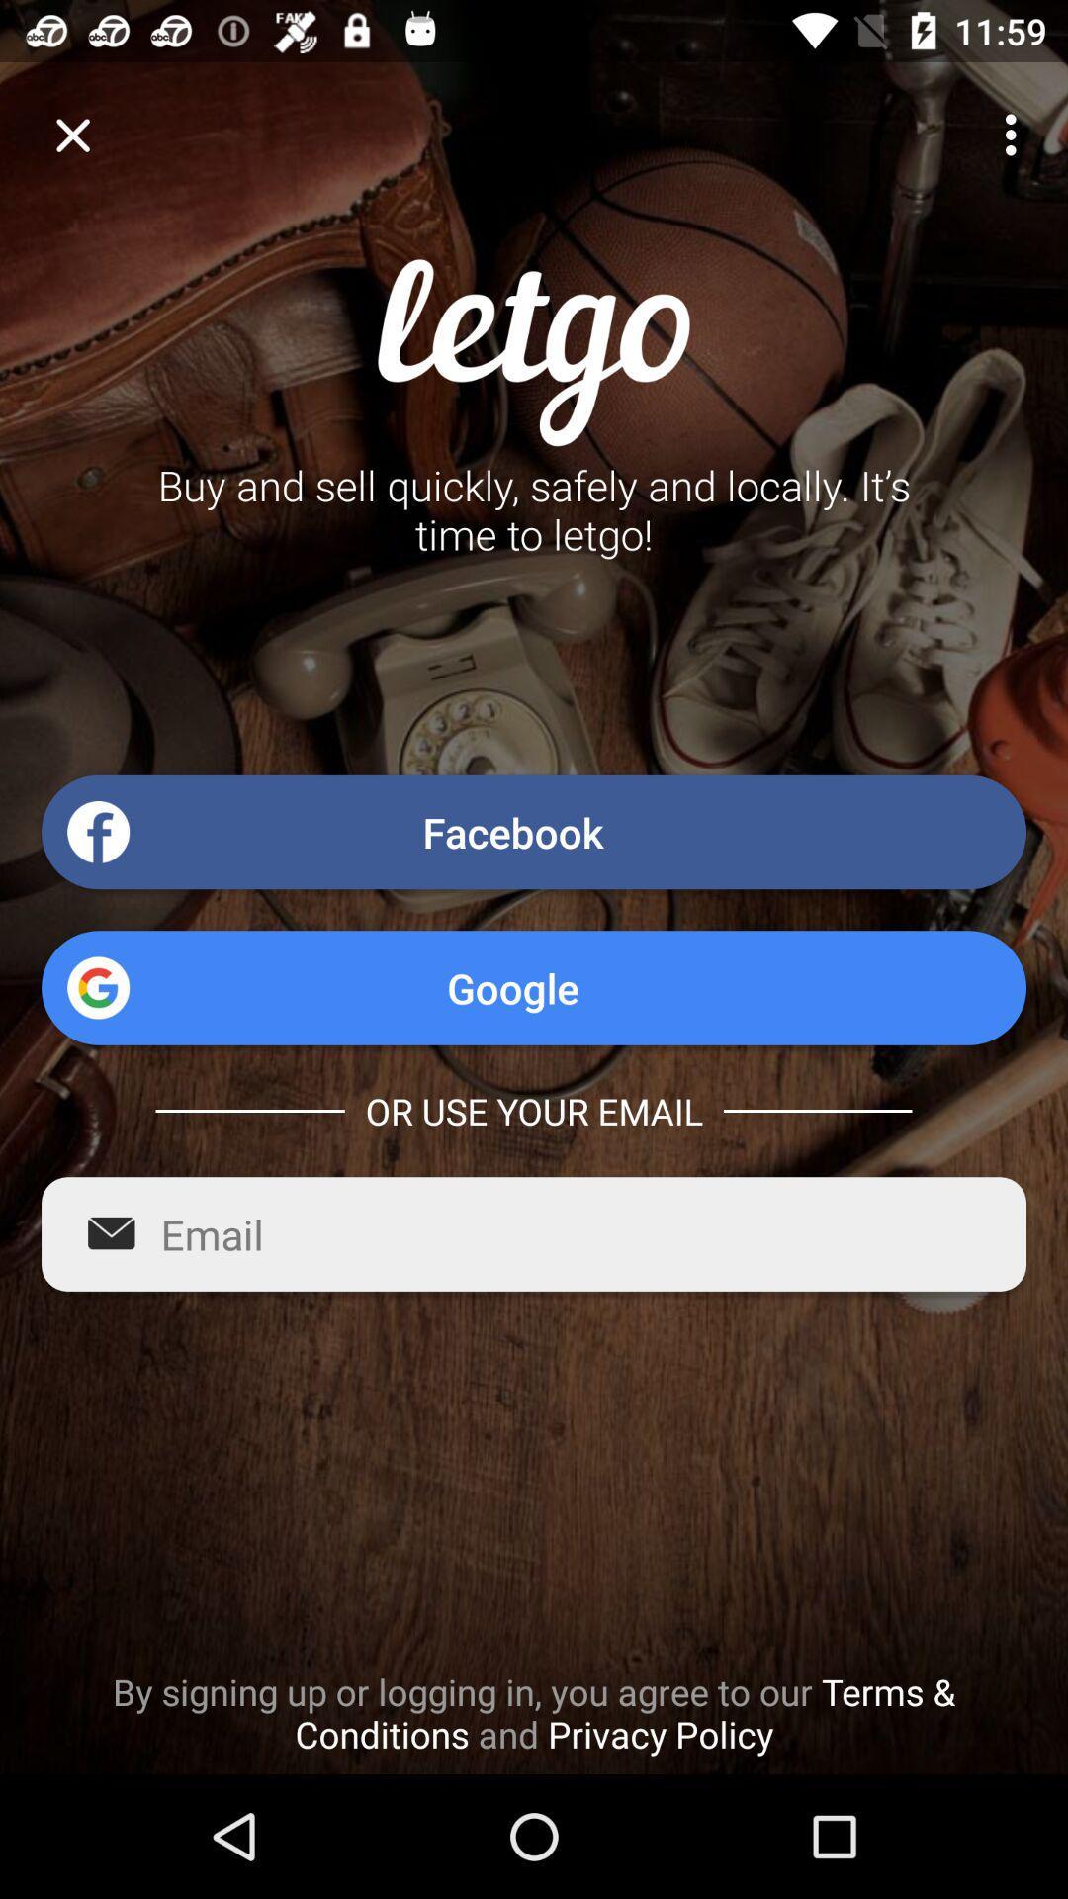 This screenshot has height=1899, width=1068. I want to click on the item below the email, so click(534, 1712).